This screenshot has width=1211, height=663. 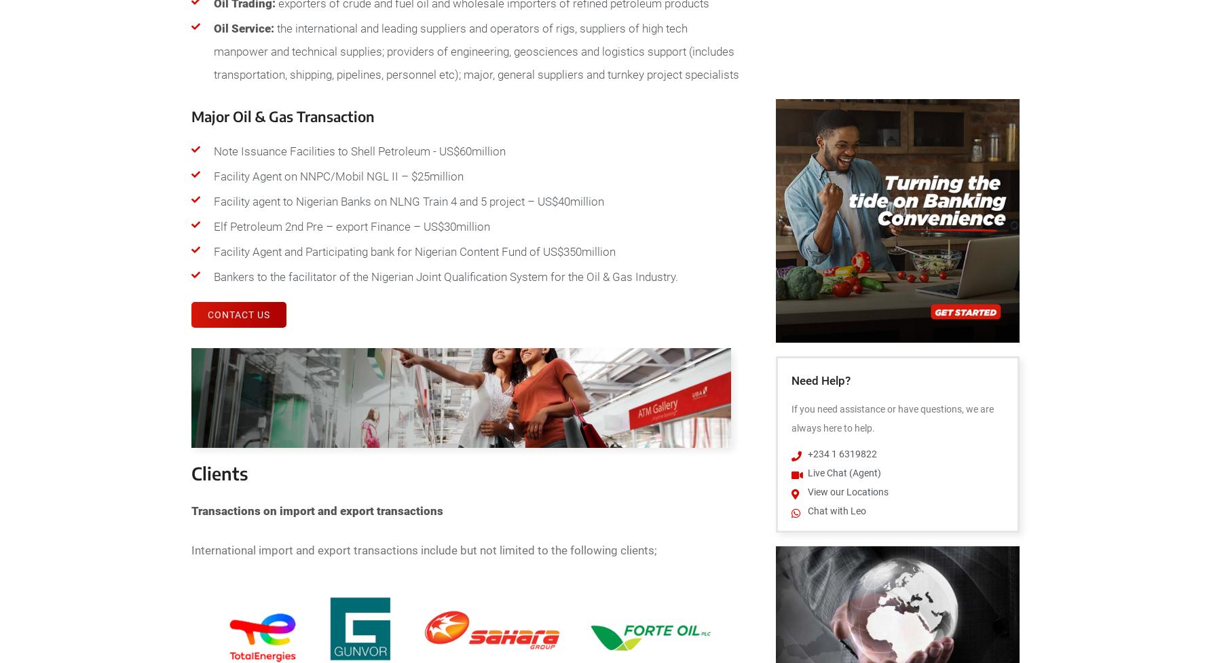 I want to click on 'Chat with Leo', so click(x=836, y=510).